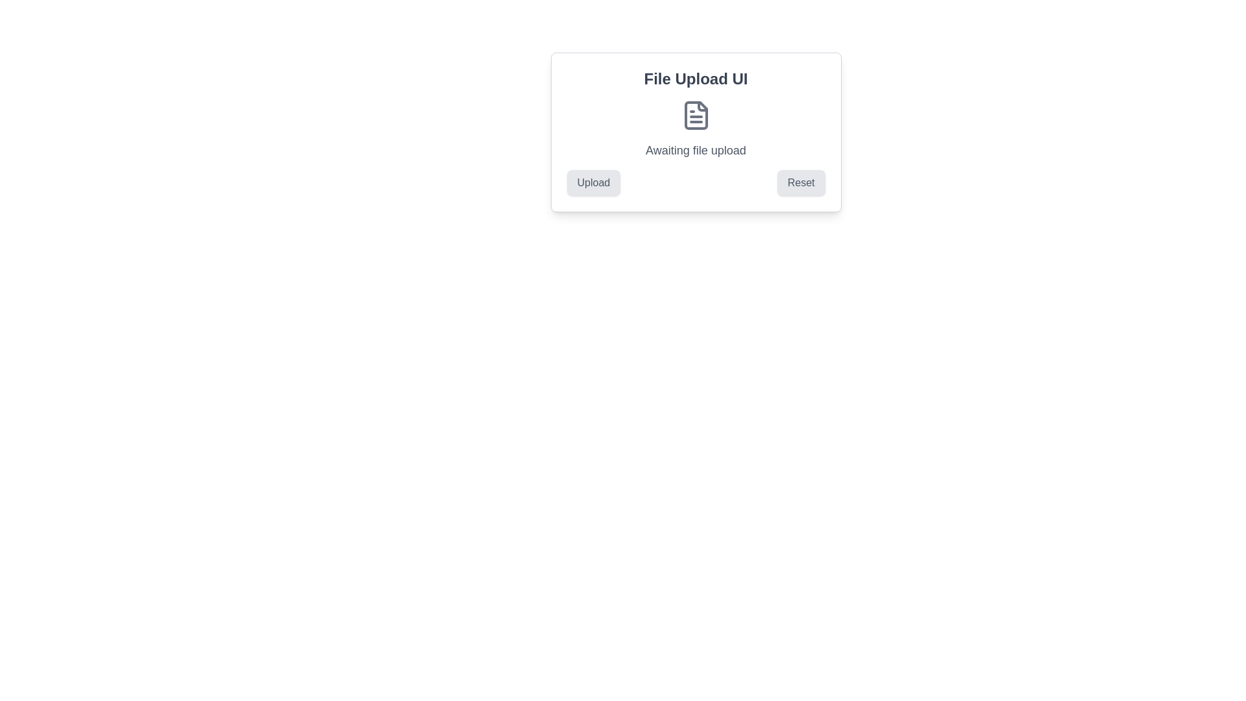 This screenshot has height=701, width=1246. Describe the element at coordinates (695, 79) in the screenshot. I see `the title text block at the top of the card that indicates the purpose of the surrounding components` at that location.